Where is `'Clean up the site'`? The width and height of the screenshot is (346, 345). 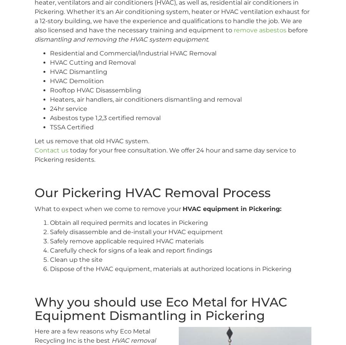
'Clean up the site' is located at coordinates (76, 259).